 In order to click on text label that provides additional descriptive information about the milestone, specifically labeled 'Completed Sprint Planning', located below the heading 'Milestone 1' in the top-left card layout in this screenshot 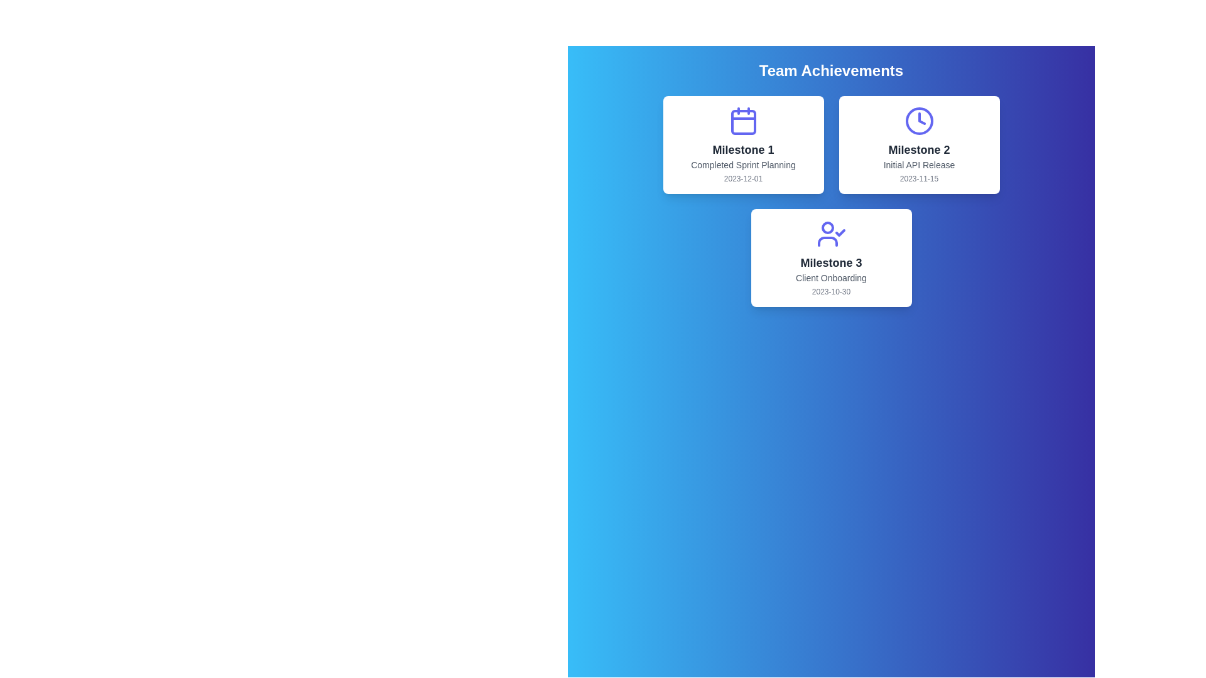, I will do `click(743, 164)`.